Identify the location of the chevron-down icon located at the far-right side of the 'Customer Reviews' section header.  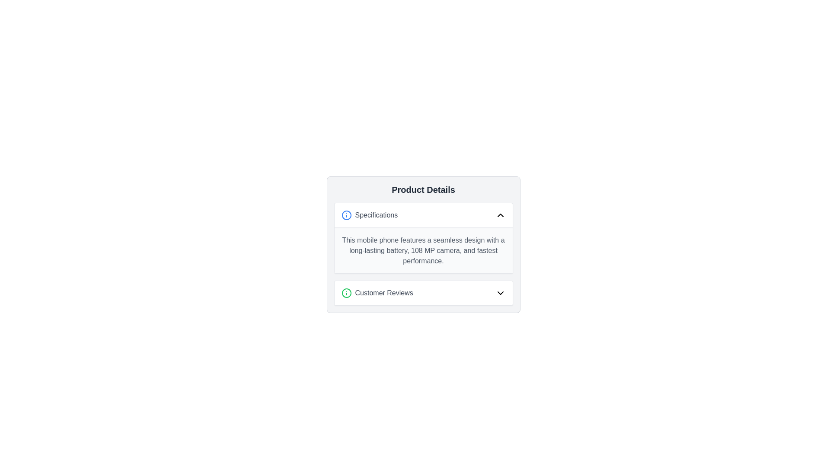
(500, 293).